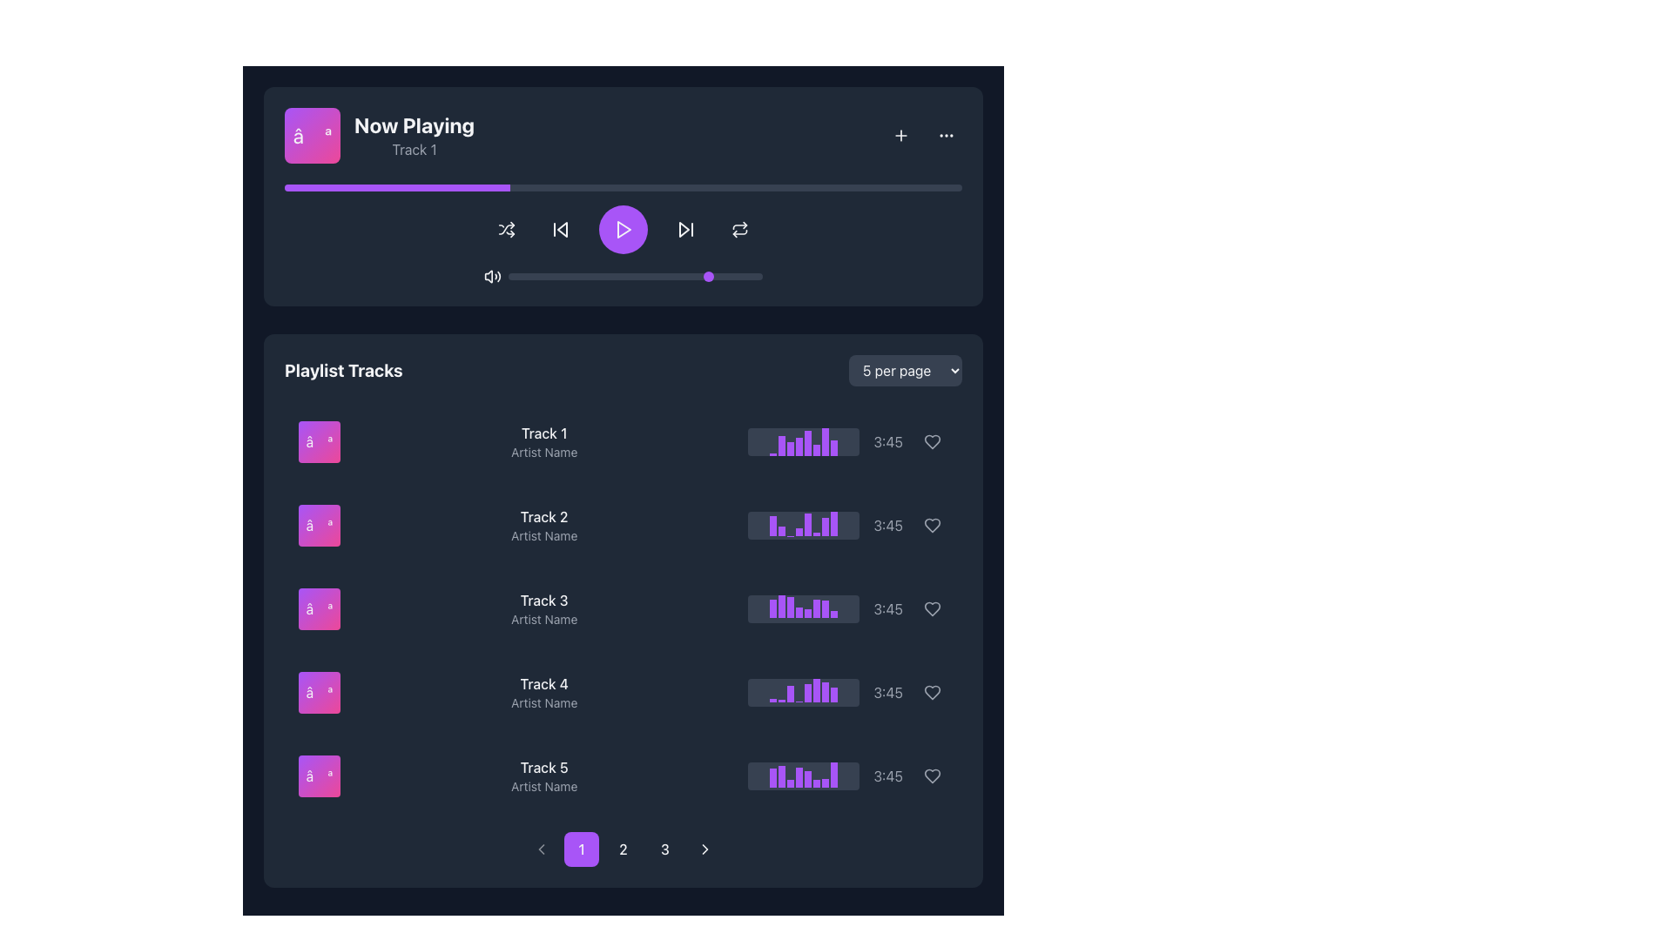  I want to click on the eighth bar segment in the bar chart representing data value for the fifth track under the 'Playlist Tracks' category, so click(833, 774).